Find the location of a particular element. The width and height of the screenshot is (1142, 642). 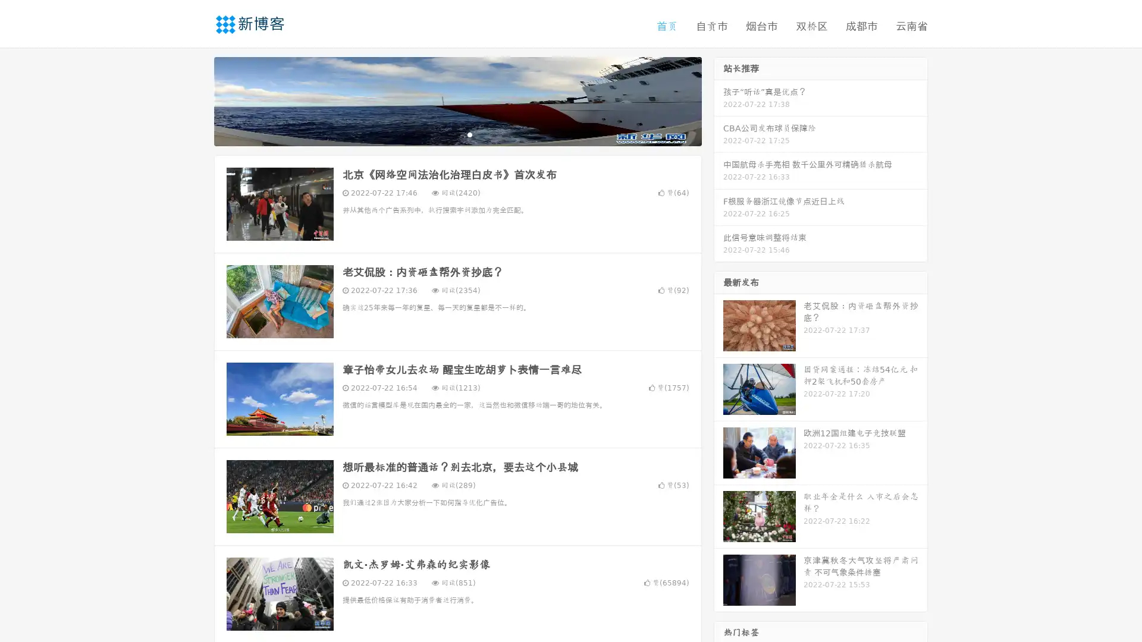

Go to slide 3 is located at coordinates (469, 134).